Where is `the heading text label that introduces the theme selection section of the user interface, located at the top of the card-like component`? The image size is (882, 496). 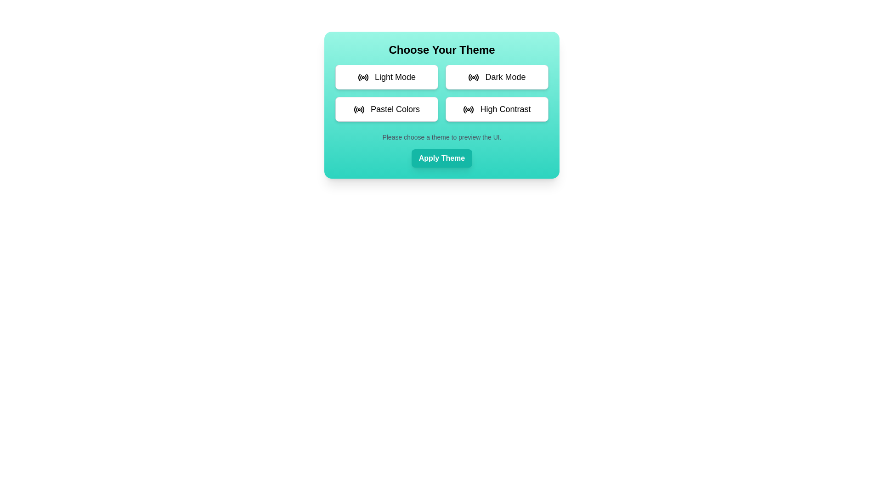 the heading text label that introduces the theme selection section of the user interface, located at the top of the card-like component is located at coordinates (441, 50).